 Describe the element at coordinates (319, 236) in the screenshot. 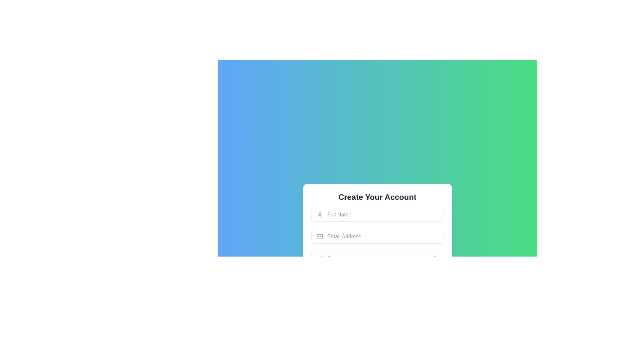

I see `the small envelope-like icon with a gray outline located to the left of the Email Address input field` at that location.